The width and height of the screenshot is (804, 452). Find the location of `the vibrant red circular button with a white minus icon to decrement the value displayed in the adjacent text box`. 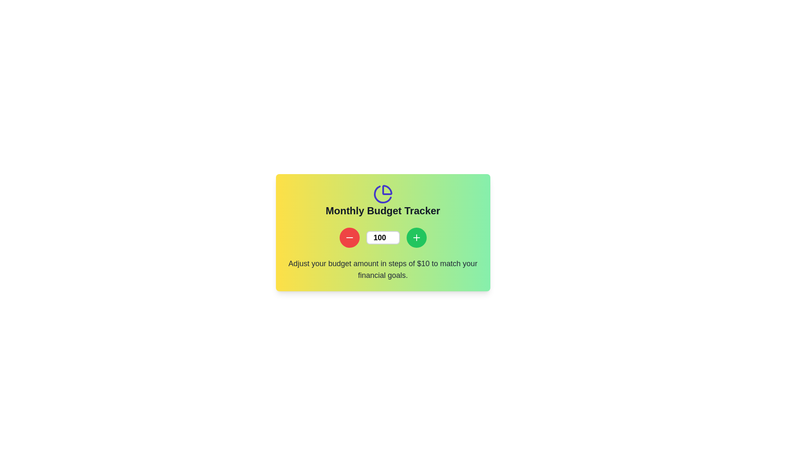

the vibrant red circular button with a white minus icon to decrement the value displayed in the adjacent text box is located at coordinates (349, 237).